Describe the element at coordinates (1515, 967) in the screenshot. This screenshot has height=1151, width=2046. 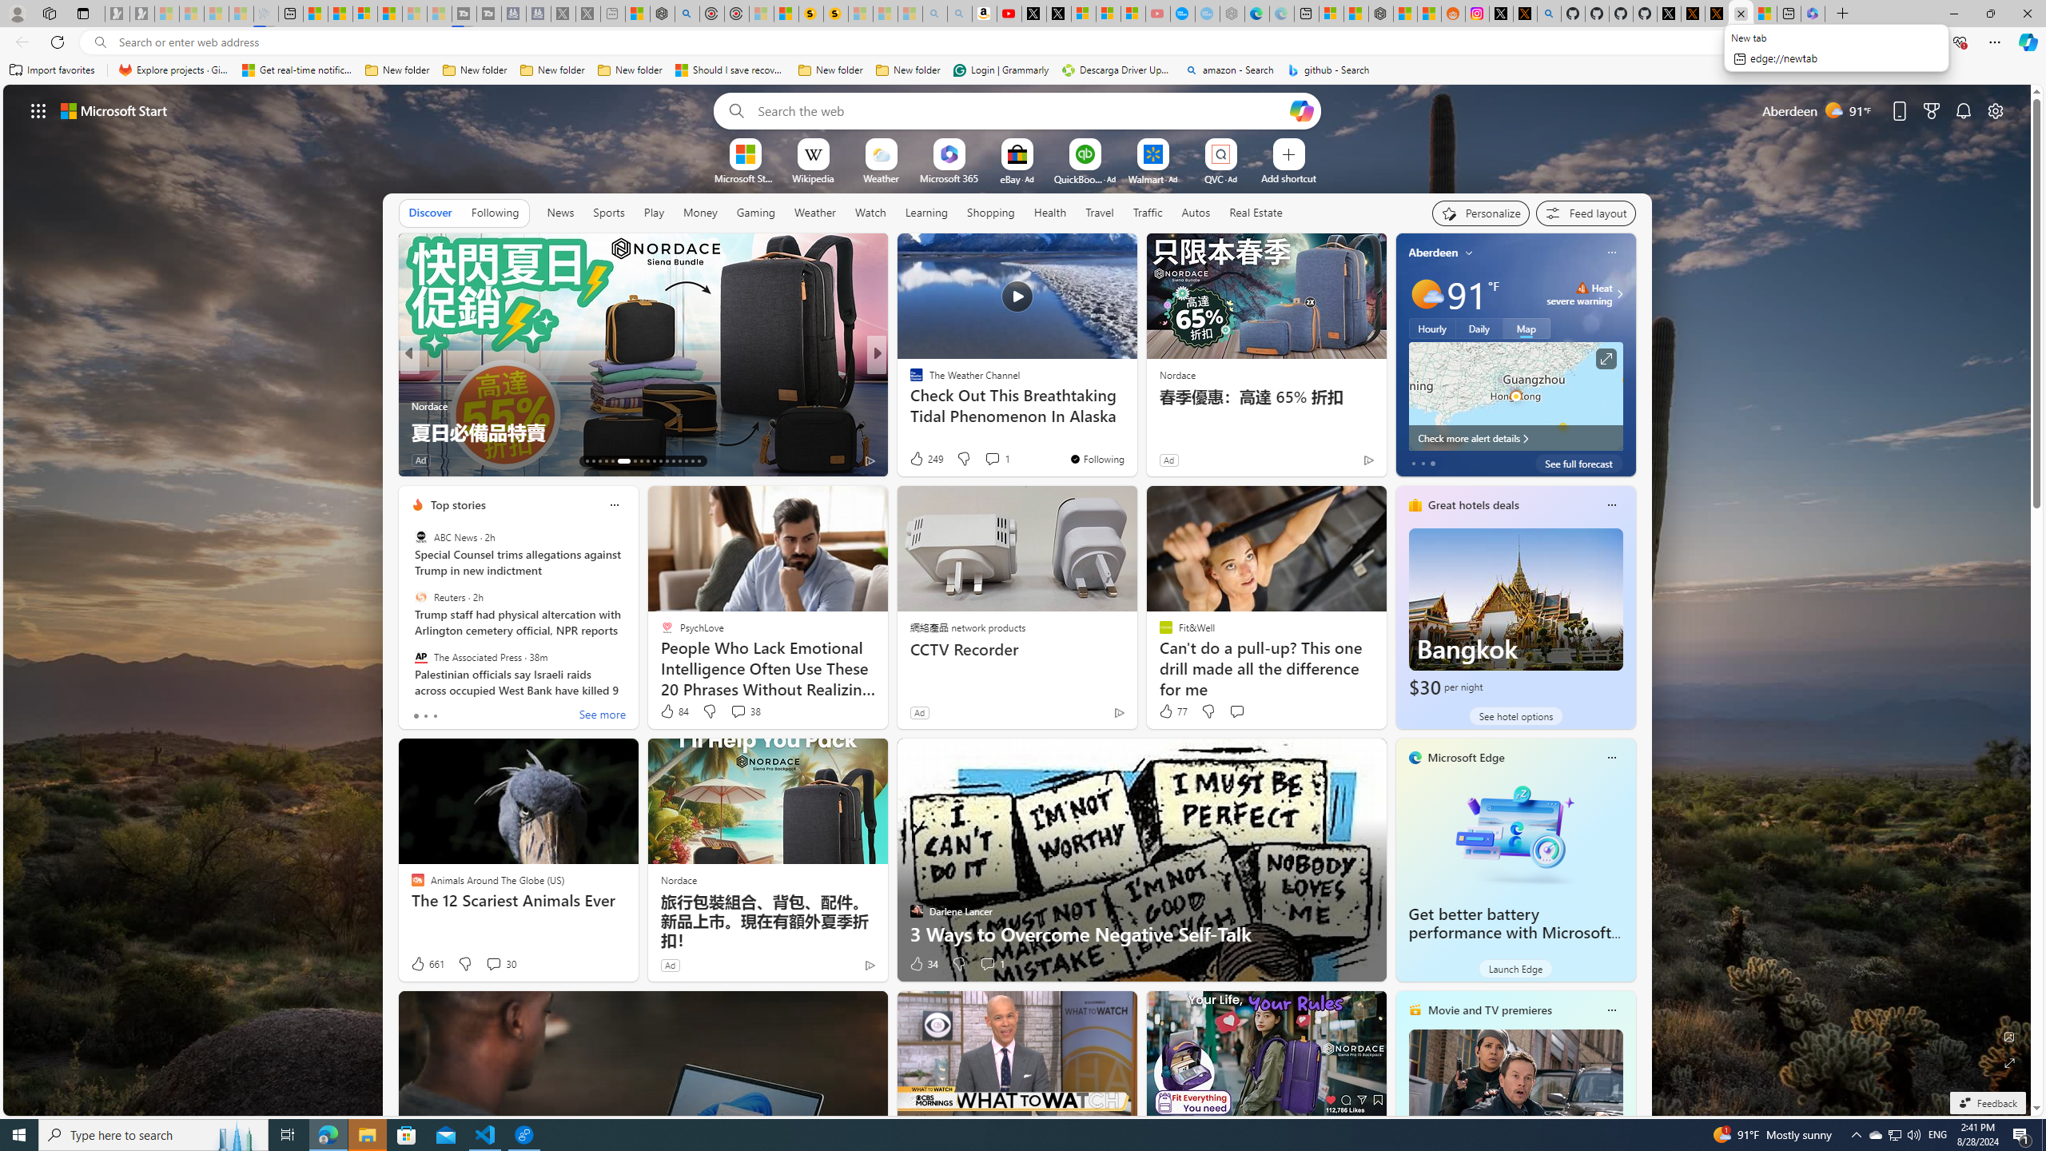
I see `'Launch Edge'` at that location.